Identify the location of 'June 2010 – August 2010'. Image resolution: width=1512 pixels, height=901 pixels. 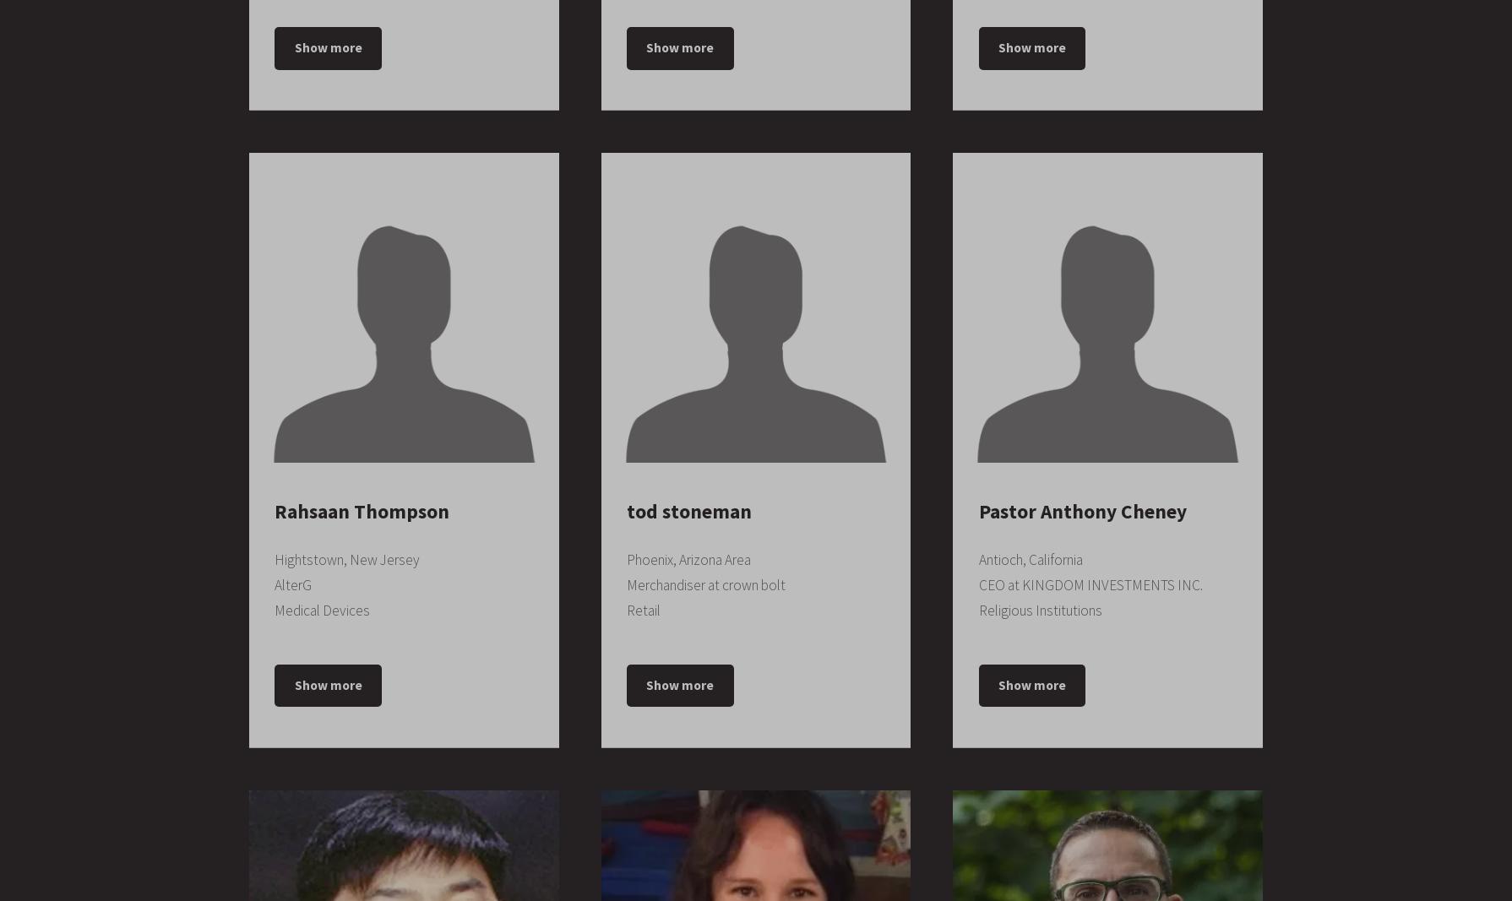
(1122, 562).